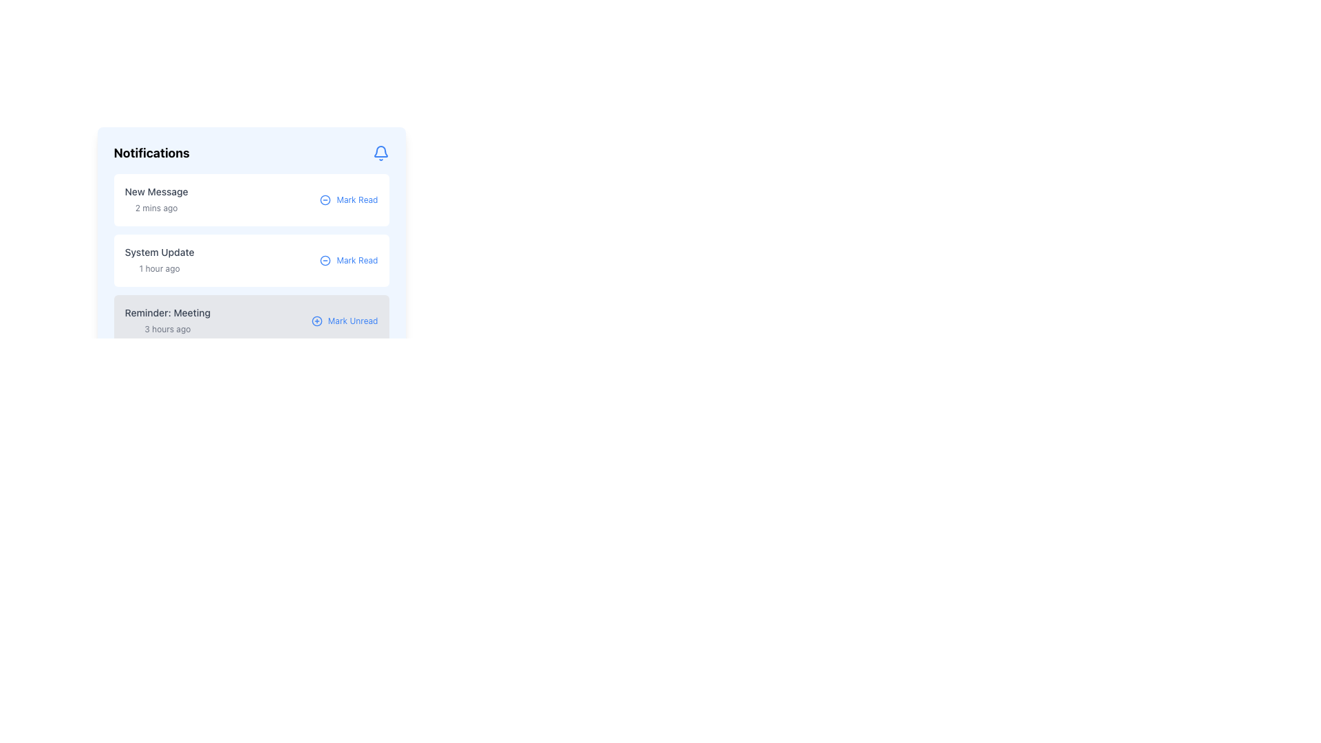 The width and height of the screenshot is (1321, 743). Describe the element at coordinates (156, 191) in the screenshot. I see `the text label of the first notification item, which conveys the primary information of the notification, positioned above the timestamp indicating '2 mins ago.'` at that location.